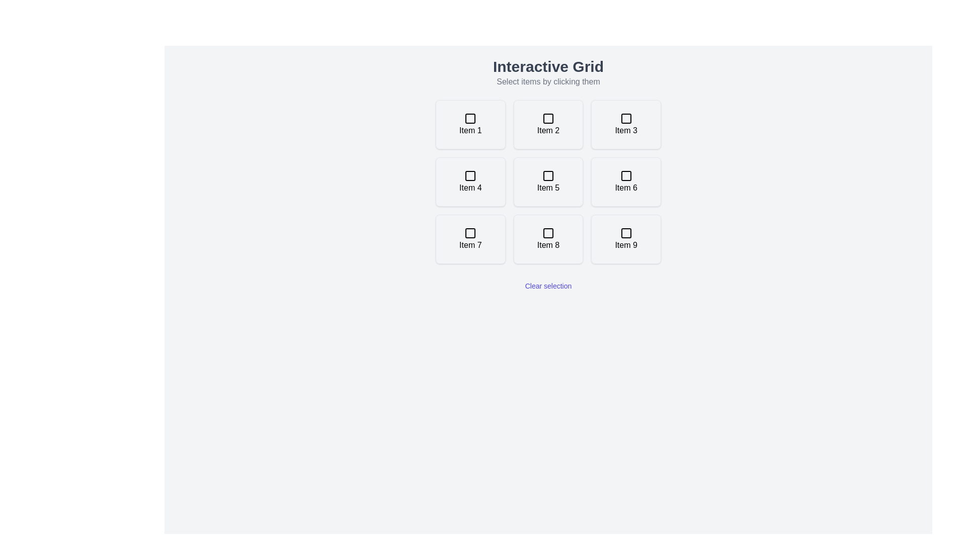 The image size is (966, 543). I want to click on the graphical highlight component located at the lower-right corner of the 'Item 9' button in a 3x3 grid layout, which features rounded corners and dimensions of 18x18 pixels, so click(625, 233).